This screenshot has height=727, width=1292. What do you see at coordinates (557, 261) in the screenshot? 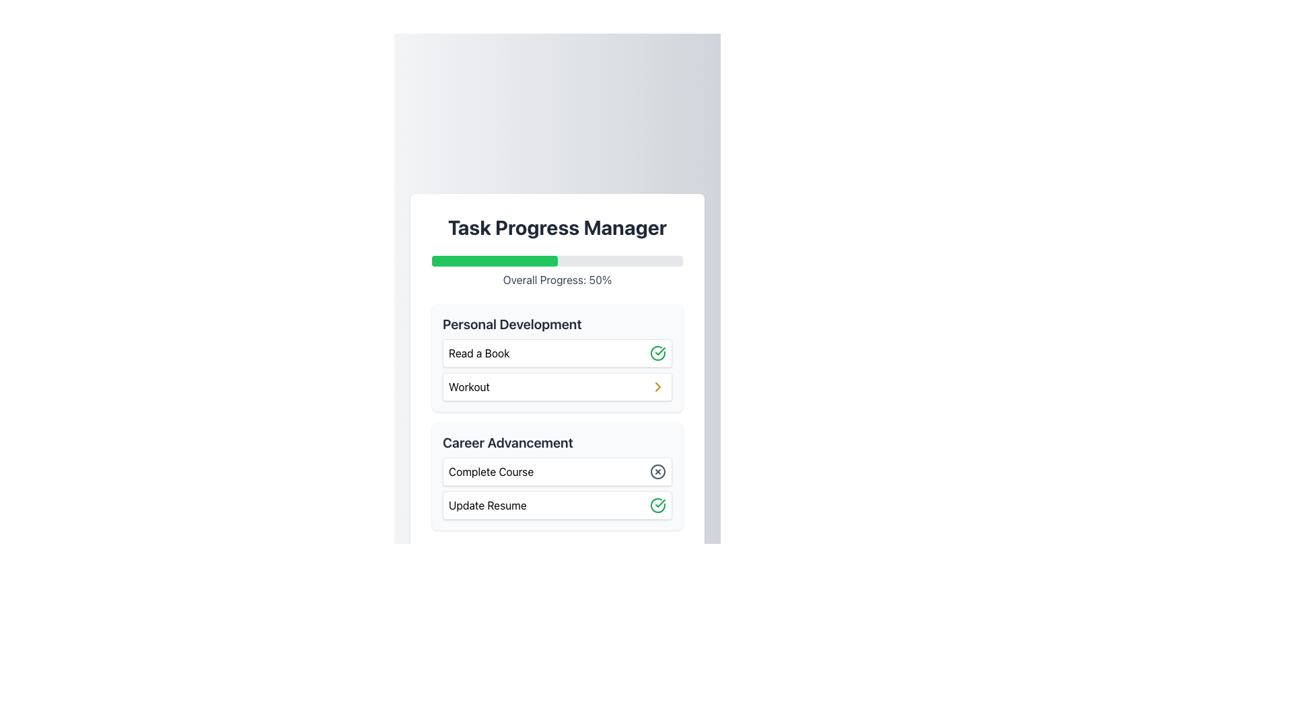
I see `the progress bar located directly below the 'Task Progress Manager' title, which has a light gray background and a green-filled left portion indicating 50% progress` at bounding box center [557, 261].